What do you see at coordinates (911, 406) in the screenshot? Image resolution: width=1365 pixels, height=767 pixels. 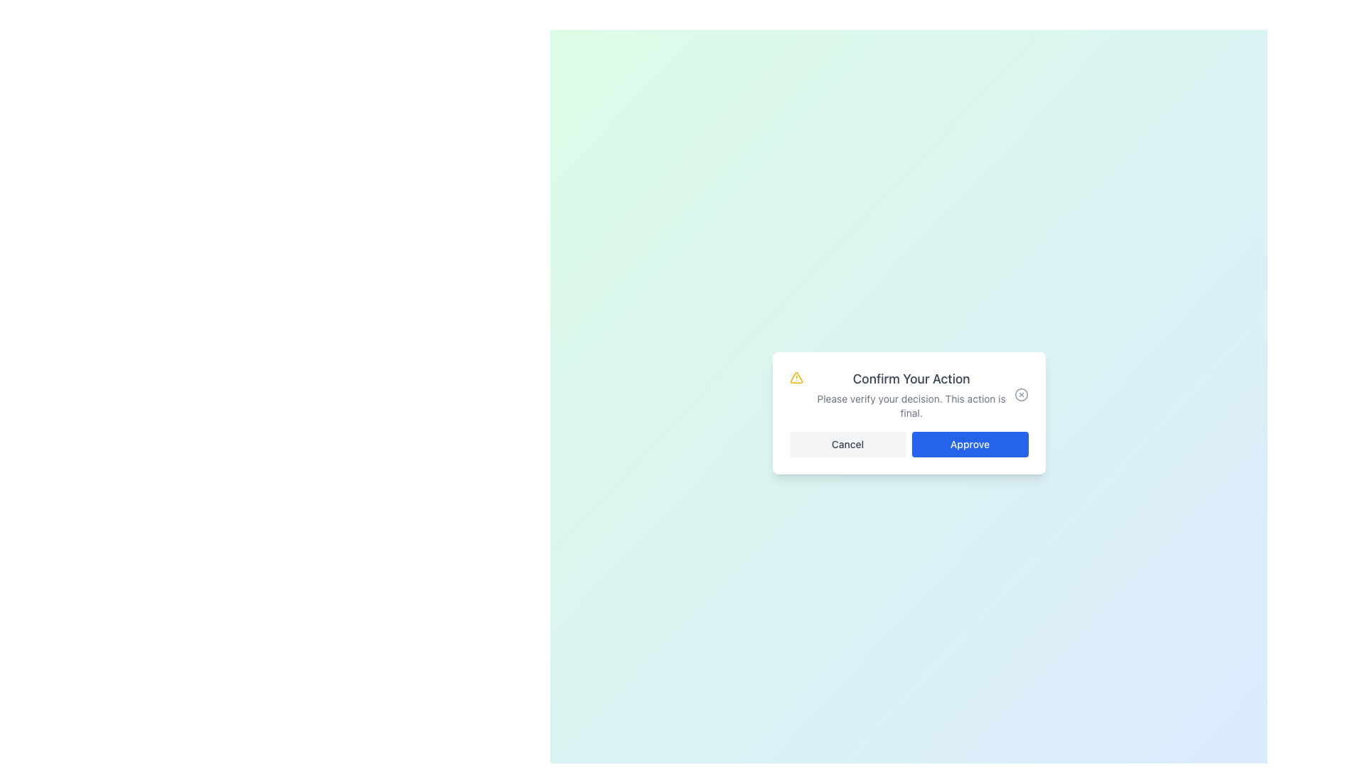 I see `the label that displays the message 'Please verify your decision. This action is final.' which is styled with a small, gray font and positioned below the heading 'Confirm Your Action' in the confirmation dialog box` at bounding box center [911, 406].